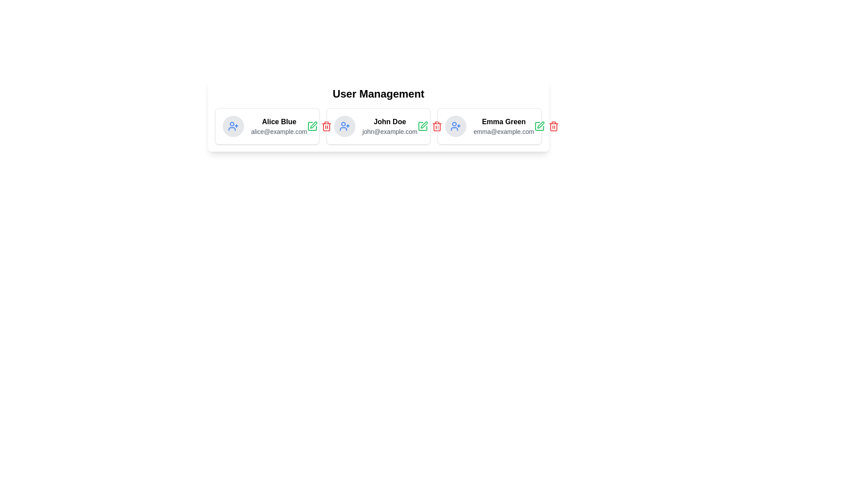 Image resolution: width=852 pixels, height=479 pixels. Describe the element at coordinates (314, 125) in the screenshot. I see `the editing icon for 'Alice Blue' located in the top-center section of the interface, which triggers editing actions` at that location.